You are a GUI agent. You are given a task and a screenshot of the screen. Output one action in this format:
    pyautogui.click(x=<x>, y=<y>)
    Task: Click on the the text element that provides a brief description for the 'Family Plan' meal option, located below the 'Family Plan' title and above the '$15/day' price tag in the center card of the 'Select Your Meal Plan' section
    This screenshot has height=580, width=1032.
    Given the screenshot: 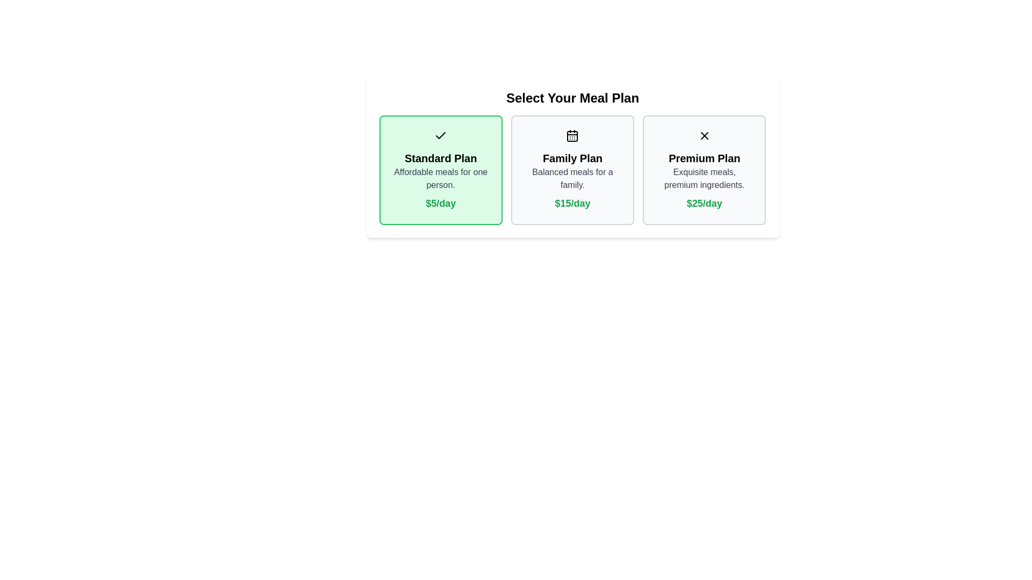 What is the action you would take?
    pyautogui.click(x=572, y=178)
    